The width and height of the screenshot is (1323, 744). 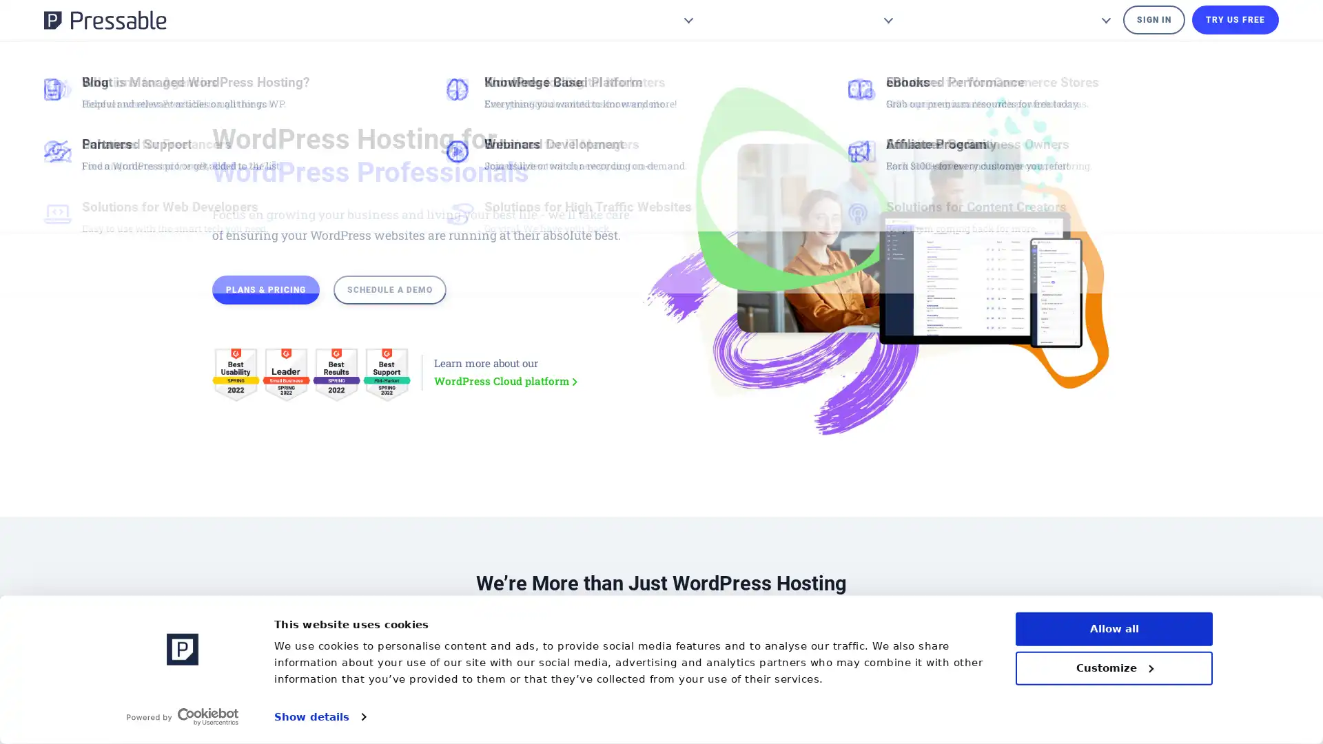 What do you see at coordinates (1114, 667) in the screenshot?
I see `Customize` at bounding box center [1114, 667].